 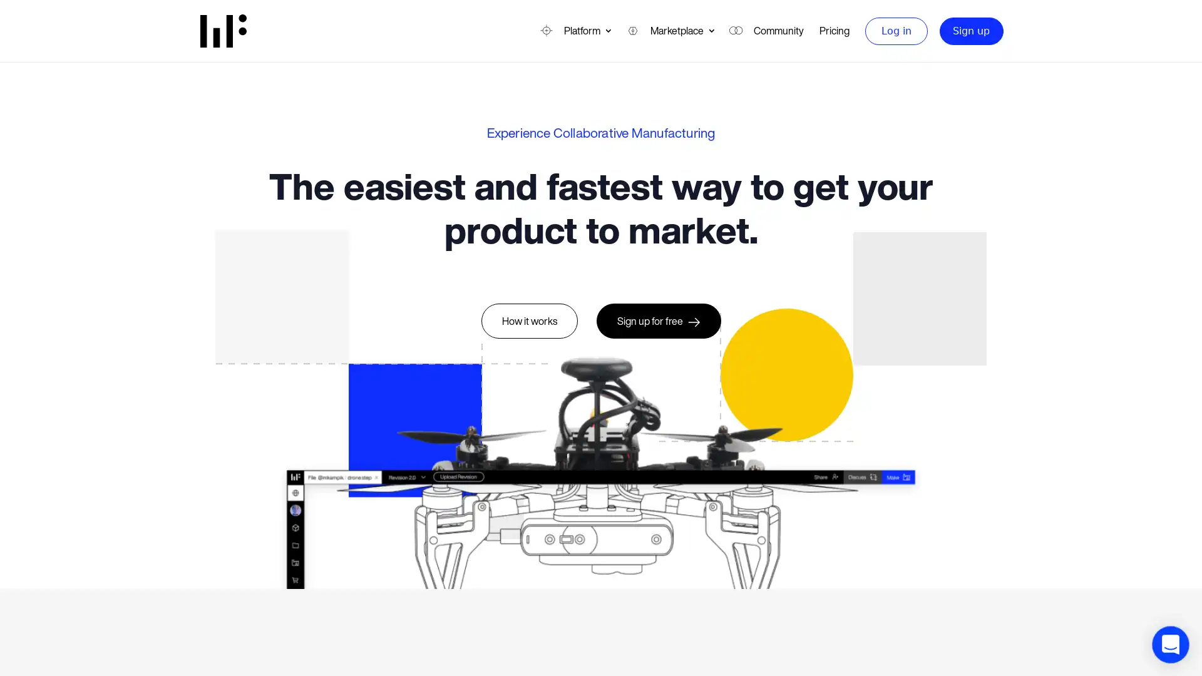 What do you see at coordinates (528, 320) in the screenshot?
I see `How it works` at bounding box center [528, 320].